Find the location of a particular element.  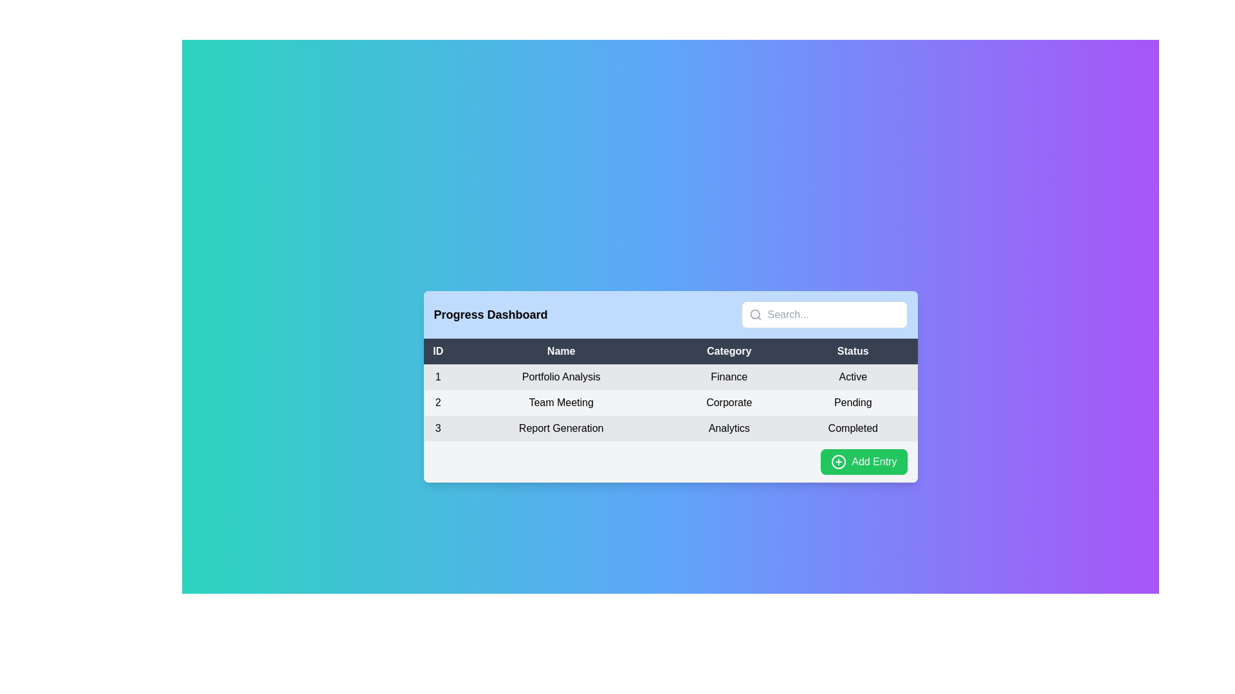

the TableHeader to sort the columns interactively is located at coordinates (670, 351).